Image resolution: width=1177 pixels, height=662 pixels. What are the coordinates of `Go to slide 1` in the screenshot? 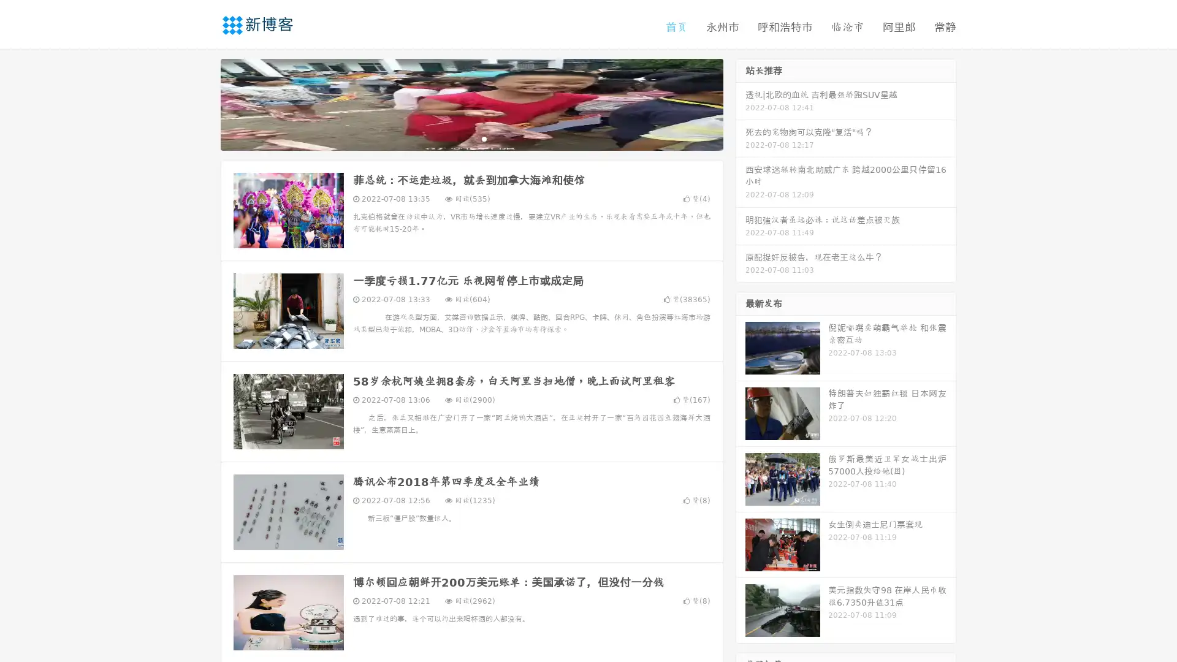 It's located at (459, 138).